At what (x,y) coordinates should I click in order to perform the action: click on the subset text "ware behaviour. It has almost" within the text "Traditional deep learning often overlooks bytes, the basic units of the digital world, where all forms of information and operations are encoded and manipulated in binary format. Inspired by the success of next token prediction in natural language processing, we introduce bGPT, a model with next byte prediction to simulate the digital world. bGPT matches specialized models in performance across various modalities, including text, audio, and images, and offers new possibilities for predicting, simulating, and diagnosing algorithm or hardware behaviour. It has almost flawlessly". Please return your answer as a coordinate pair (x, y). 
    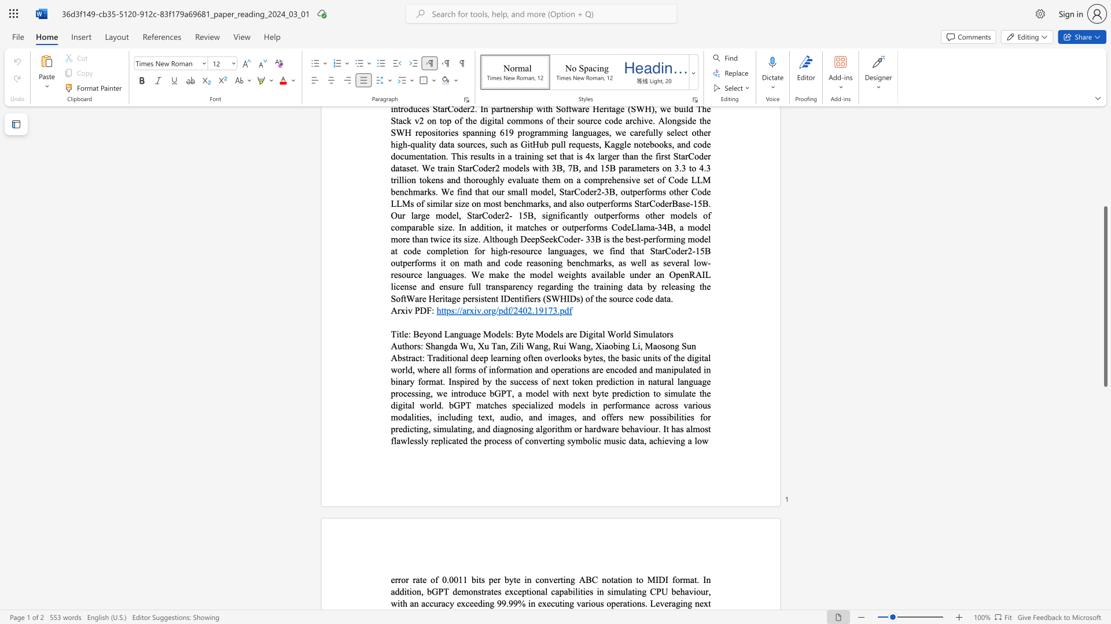
    Looking at the image, I should click on (601, 429).